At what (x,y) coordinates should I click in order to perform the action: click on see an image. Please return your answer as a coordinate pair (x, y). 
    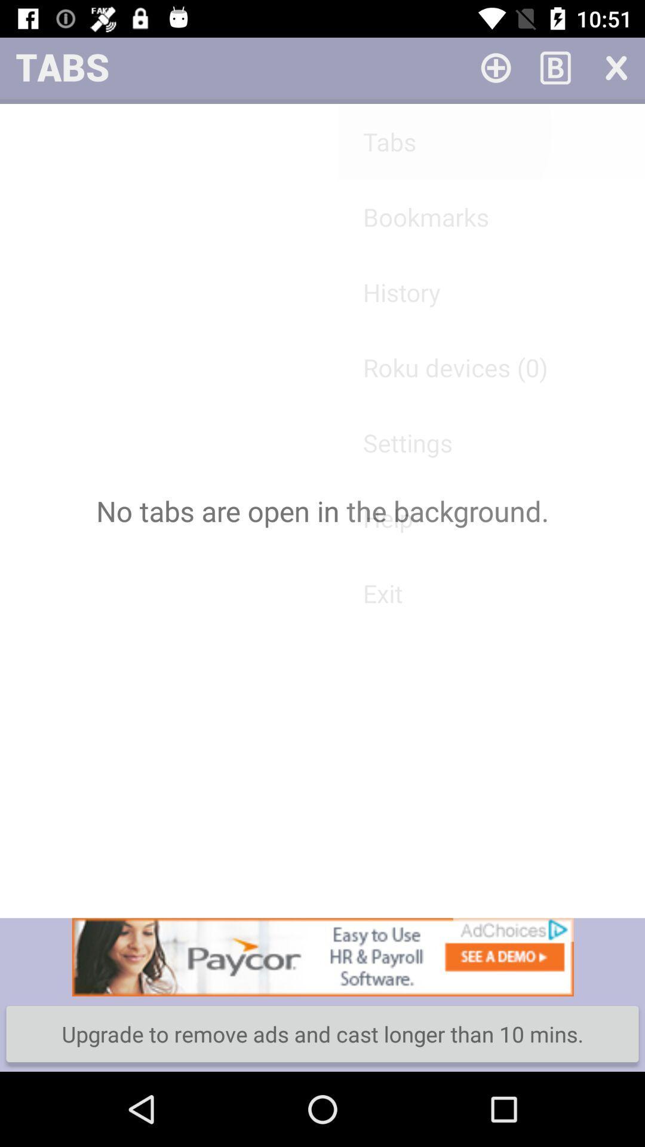
    Looking at the image, I should click on (322, 957).